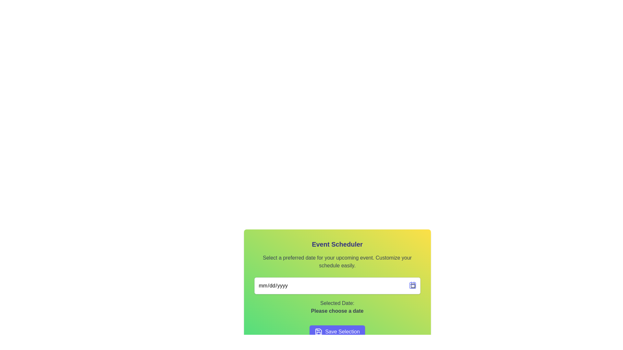 The image size is (623, 350). I want to click on the disk or save icon located at the bottom center of the interface, above the 'Save Selection' text, so click(319, 332).